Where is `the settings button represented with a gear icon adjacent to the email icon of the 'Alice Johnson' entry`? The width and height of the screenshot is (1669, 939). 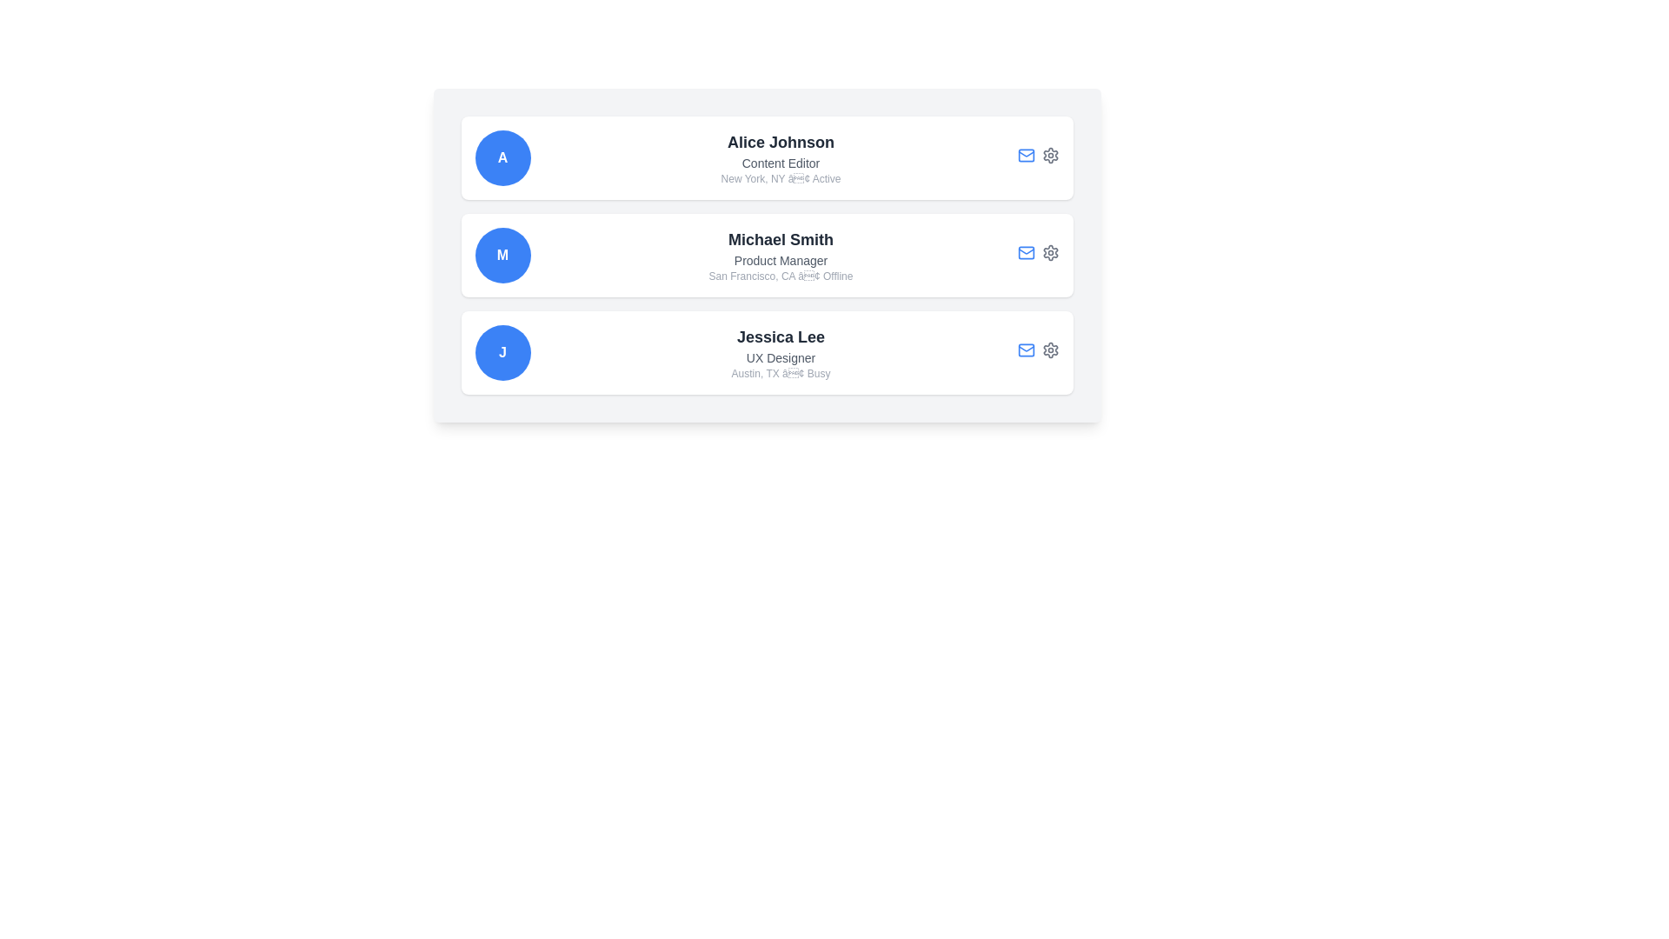
the settings button represented with a gear icon adjacent to the email icon of the 'Alice Johnson' entry is located at coordinates (1049, 154).